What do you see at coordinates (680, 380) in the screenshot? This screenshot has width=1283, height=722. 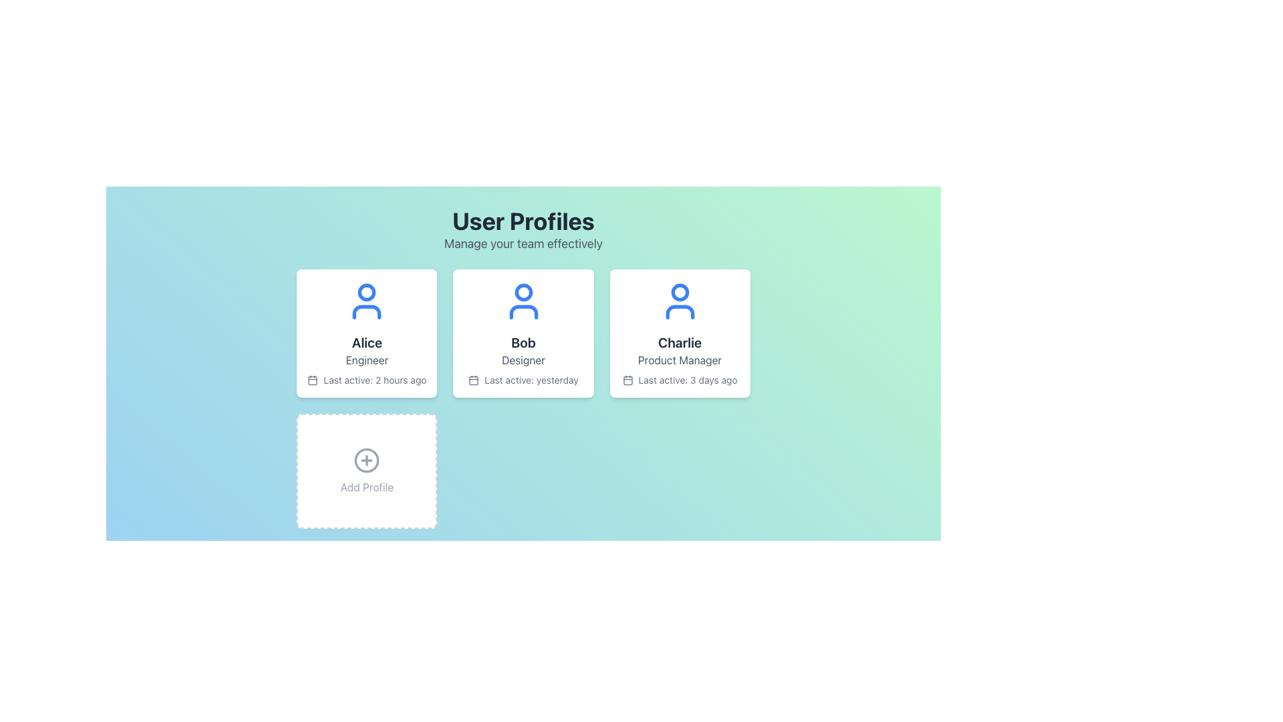 I see `the text label with an icon indicating the last active status of 'Charlie', located below 'Product Manager' in the third profile card` at bounding box center [680, 380].